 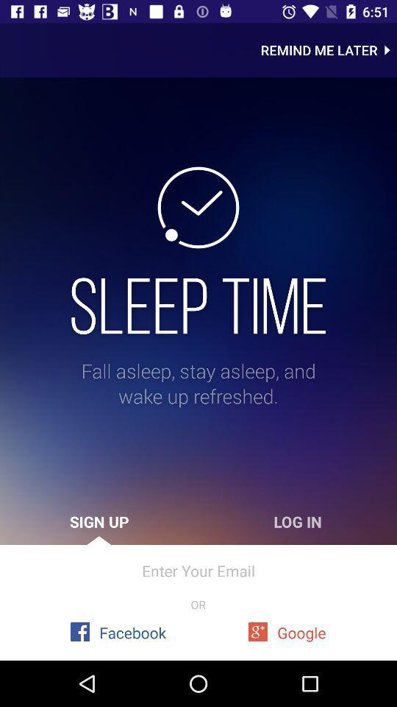 I want to click on item at the top right corner, so click(x=329, y=50).